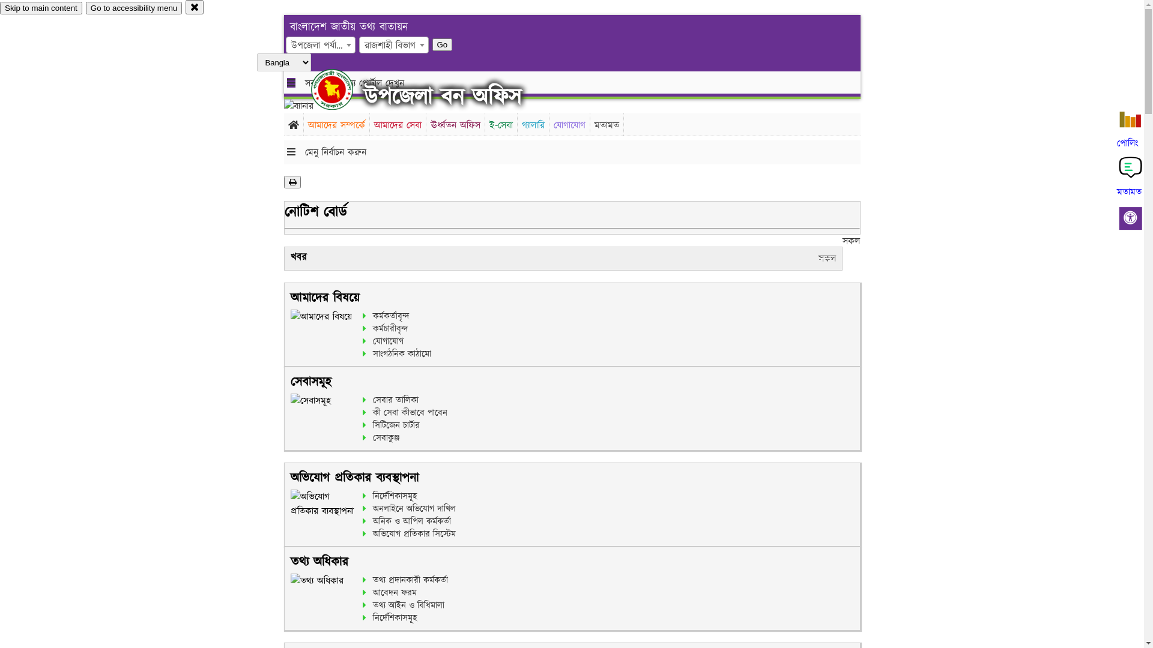 The width and height of the screenshot is (1153, 648). I want to click on 'Go', so click(442, 44).